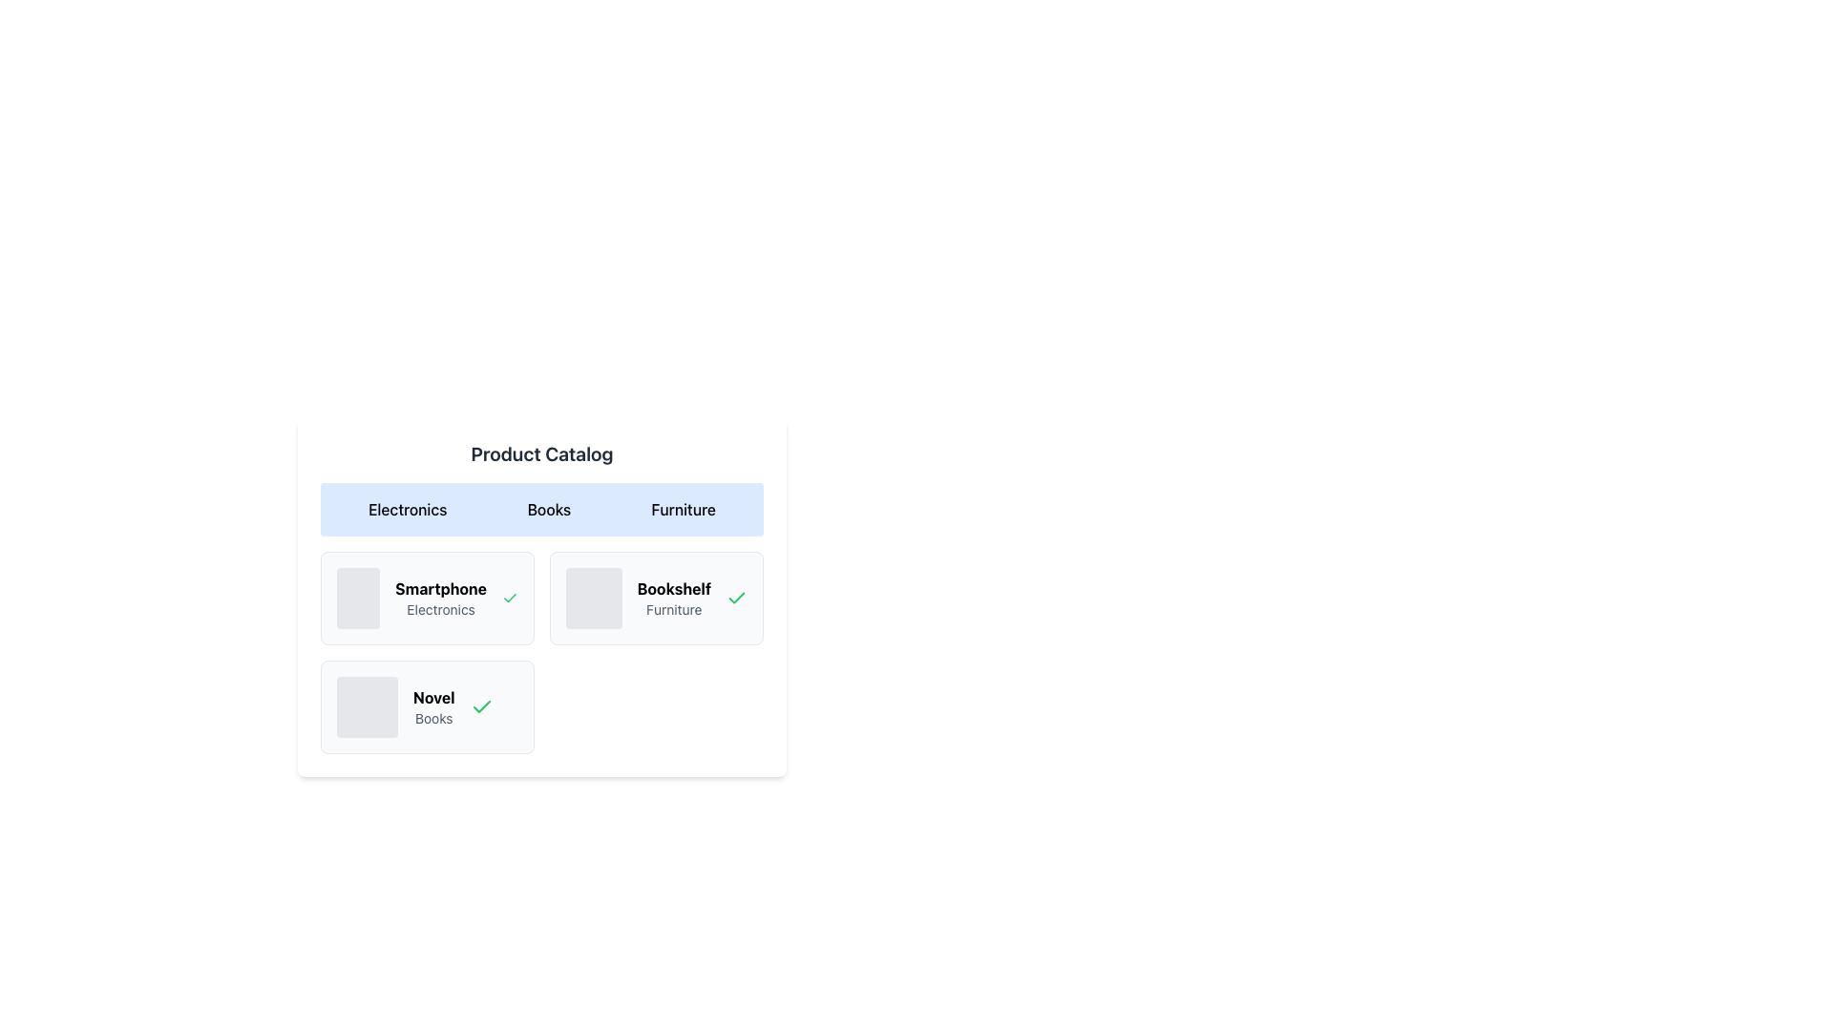 Image resolution: width=1833 pixels, height=1031 pixels. What do you see at coordinates (432, 718) in the screenshot?
I see `the static text label containing the word 'Books', which is styled in a smaller font and light gray color, located below the bold 'Novel' text within a product card layout` at bounding box center [432, 718].